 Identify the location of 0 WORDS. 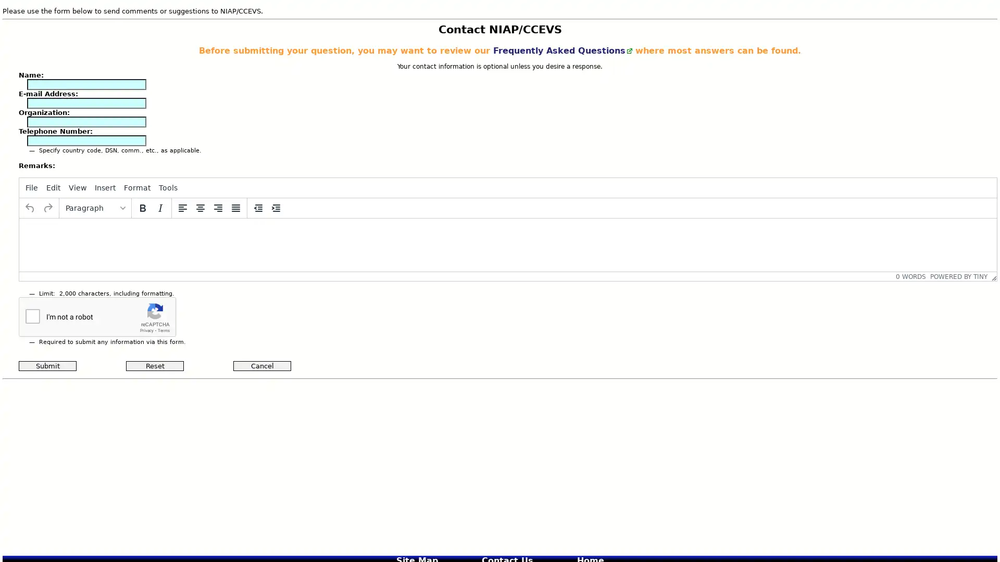
(910, 276).